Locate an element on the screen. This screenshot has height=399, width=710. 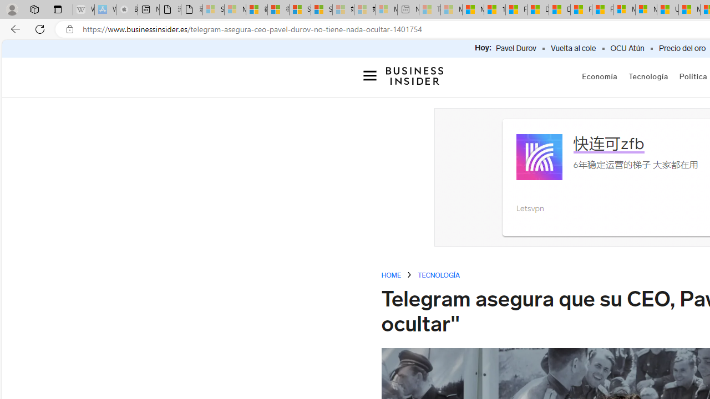
'Drinking tea every day is proven to delay biological aging' is located at coordinates (559, 9).